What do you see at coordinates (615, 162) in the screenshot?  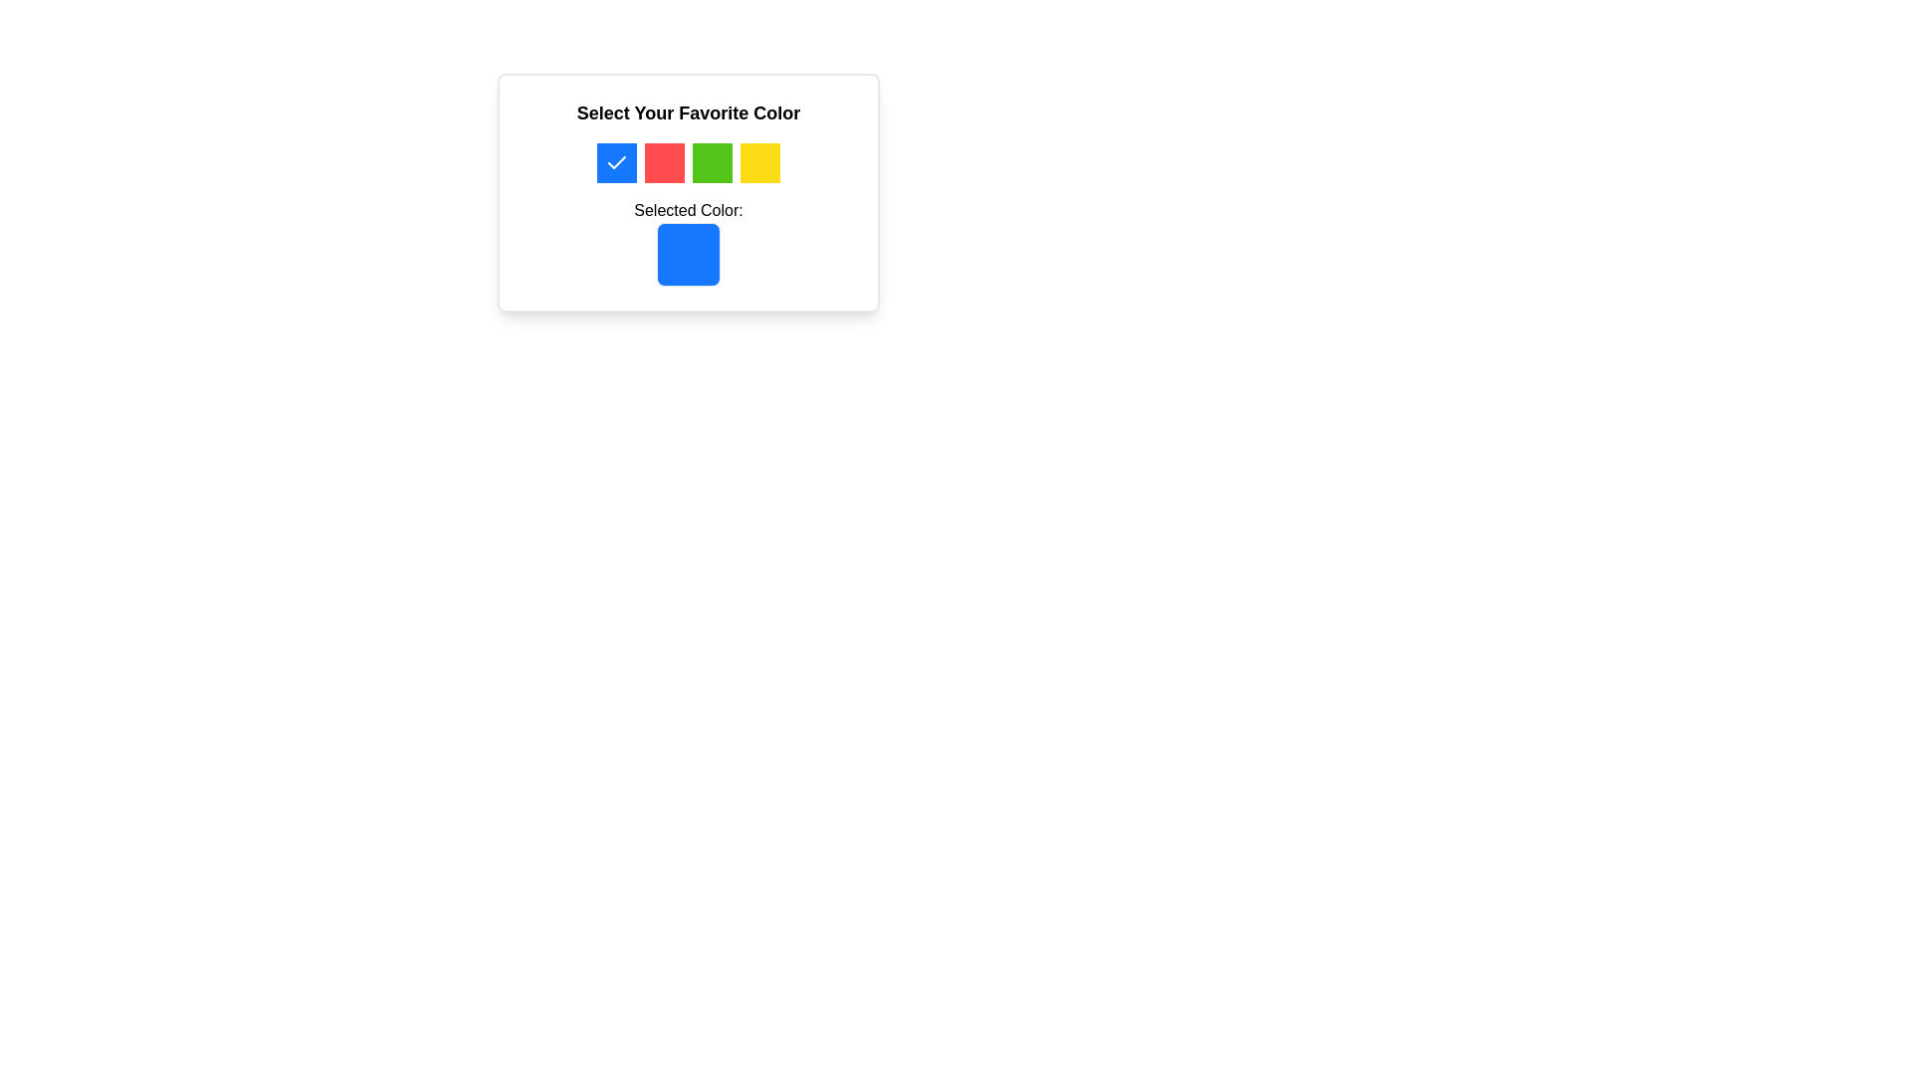 I see `the white checkmark symbol within the blue square tile located in the first position of the color selection area at the top of the card` at bounding box center [615, 162].